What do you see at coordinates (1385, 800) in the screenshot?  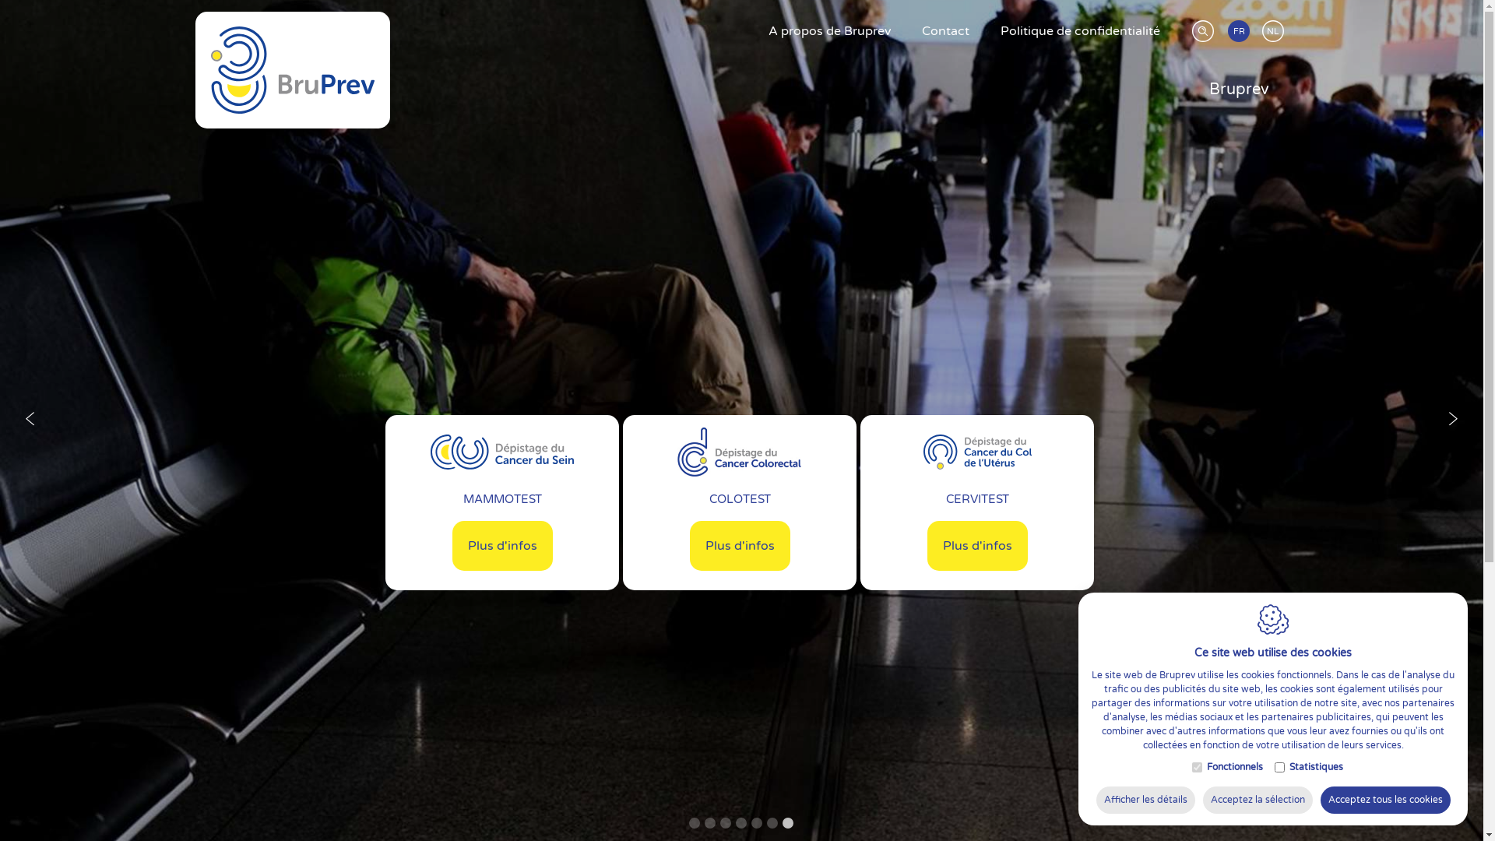 I see `'Acceptez tous les cookies'` at bounding box center [1385, 800].